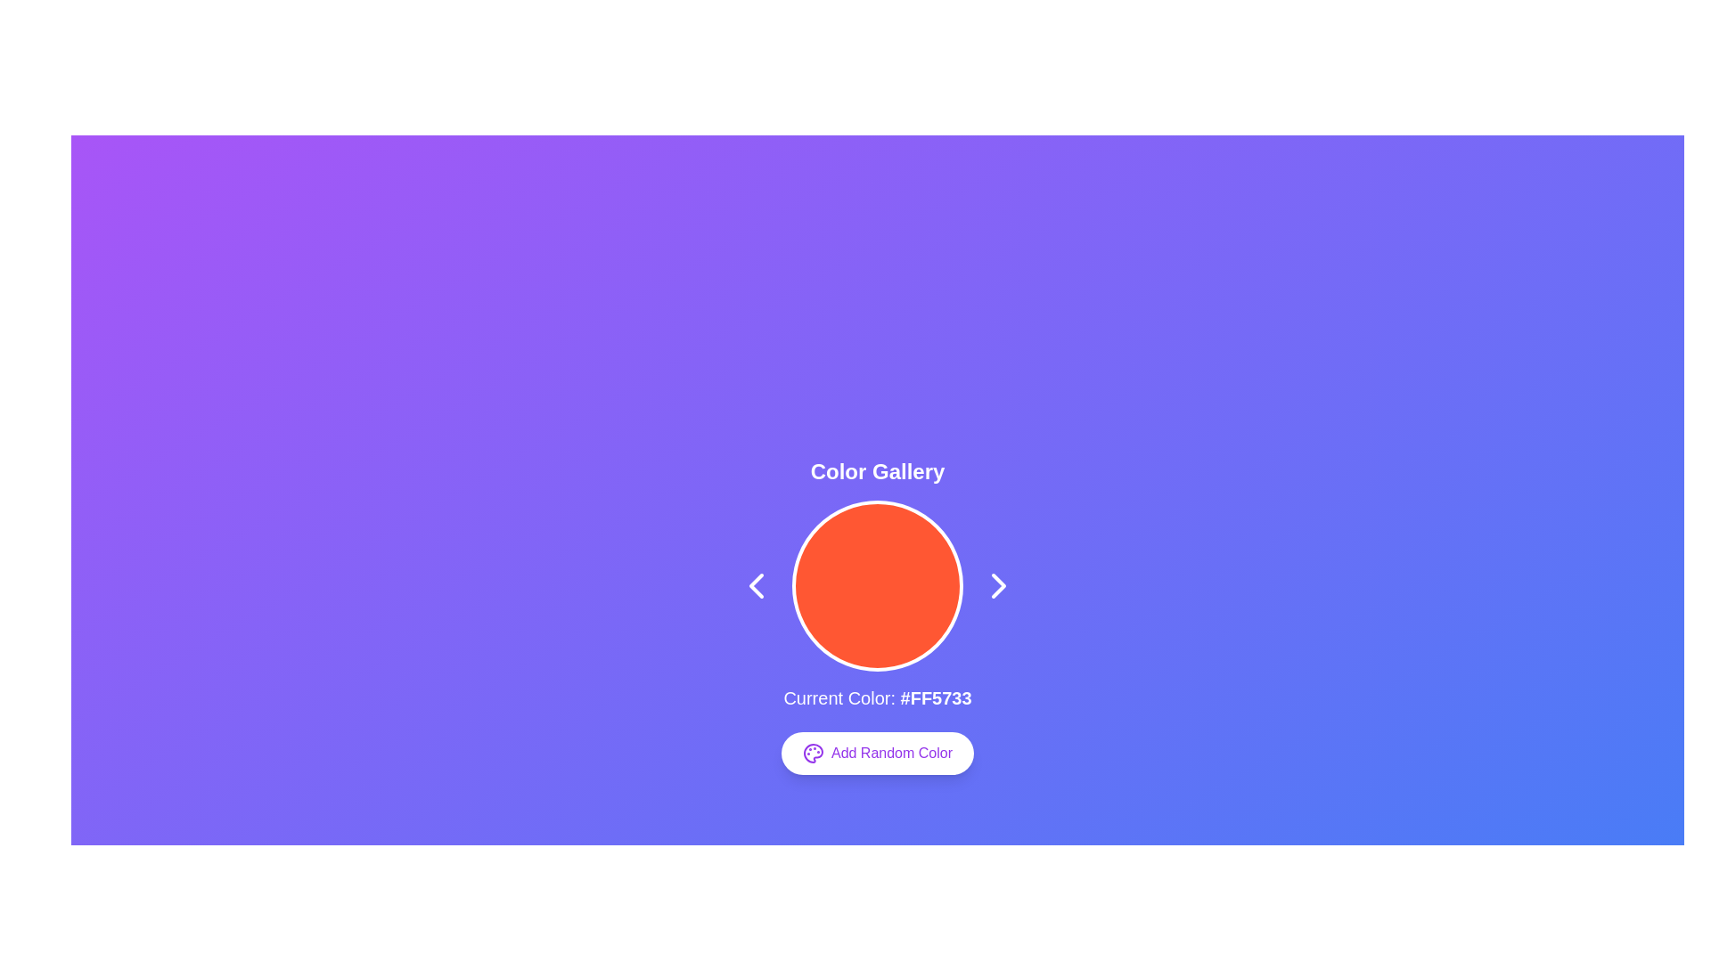  Describe the element at coordinates (877, 697) in the screenshot. I see `the text element displaying 'Current Color: #FF5733' in white, bold font, located below the color swatch and above the 'Add Random Color' button` at that location.